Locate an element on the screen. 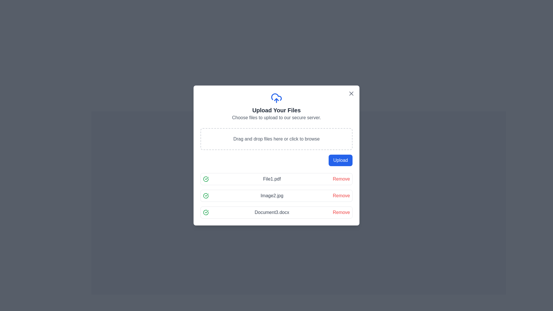 The height and width of the screenshot is (311, 553). the file upload panel to browse and select files is located at coordinates (276, 155).